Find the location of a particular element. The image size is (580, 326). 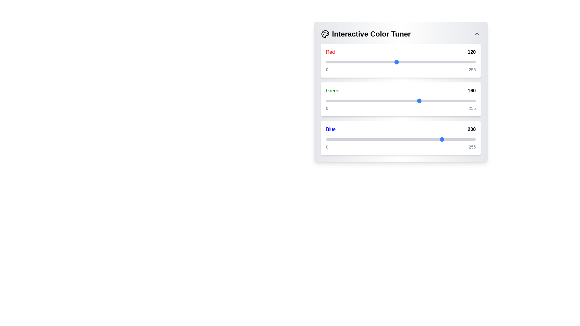

label indicating the minimum and maximum values (0 and 255) for the slider located below the 'Blue' slider, centered horizontally is located at coordinates (401, 147).